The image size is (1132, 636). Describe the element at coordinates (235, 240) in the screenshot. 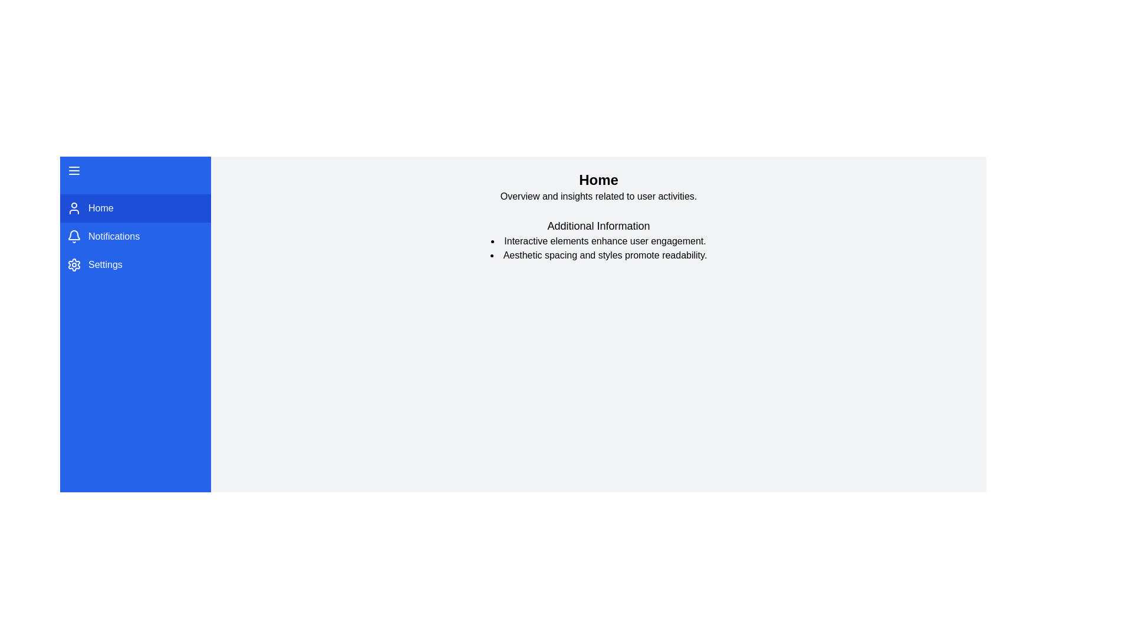

I see `the first item of the additional information list` at that location.